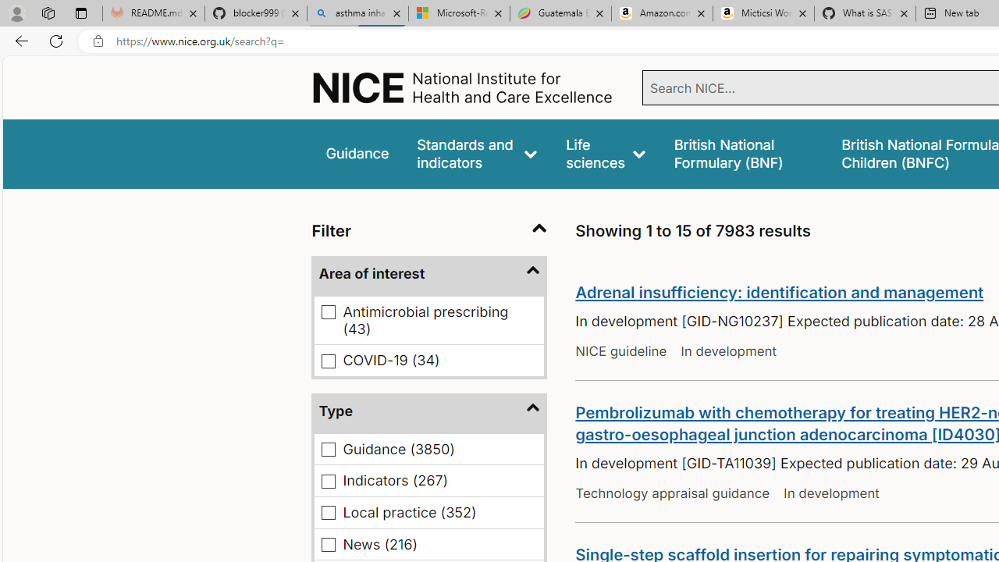 This screenshot has height=562, width=999. I want to click on 'Filter', so click(429, 231).